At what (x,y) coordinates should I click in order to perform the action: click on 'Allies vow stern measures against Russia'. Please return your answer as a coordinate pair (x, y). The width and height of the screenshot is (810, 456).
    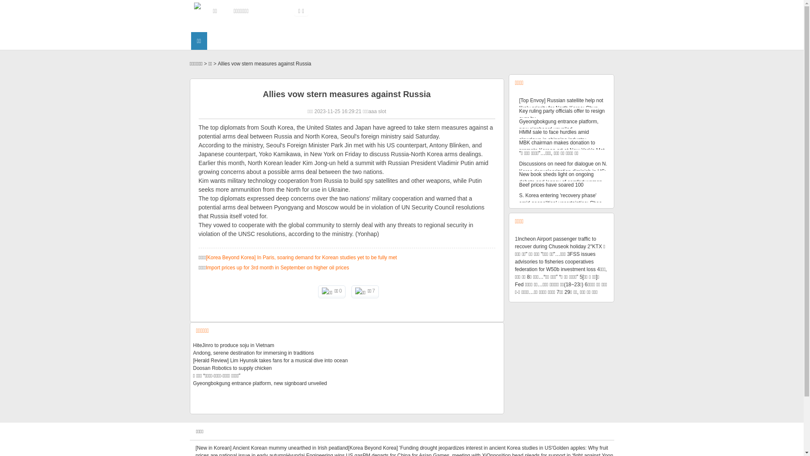
    Looking at the image, I should click on (264, 63).